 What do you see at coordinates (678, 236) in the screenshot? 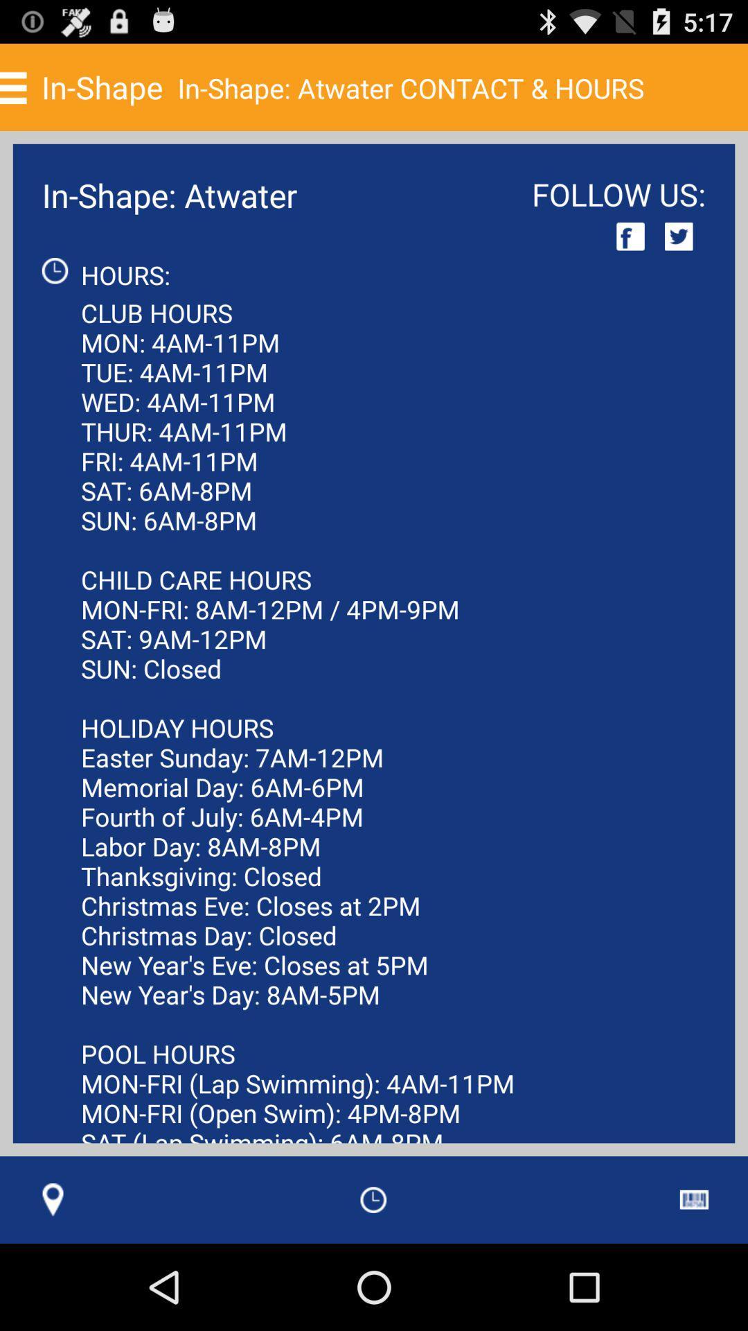
I see `the app below the follow us: app` at bounding box center [678, 236].